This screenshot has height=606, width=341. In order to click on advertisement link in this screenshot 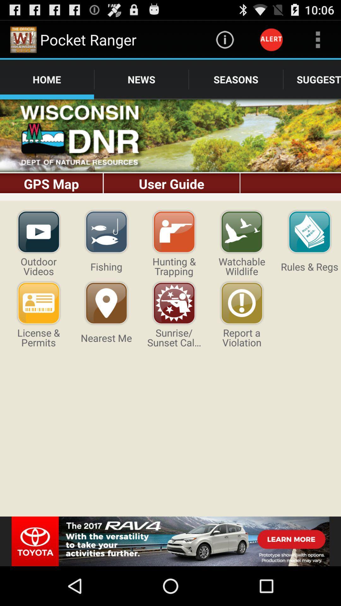, I will do `click(170, 541)`.